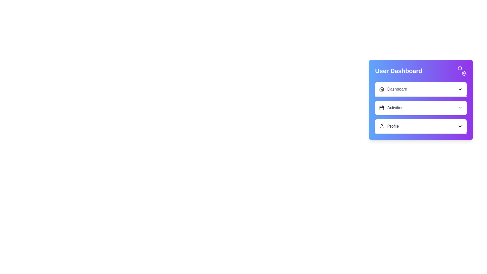 The image size is (487, 274). I want to click on the title text label located at the top-left corner of the header section of the card-like UI element, so click(398, 71).